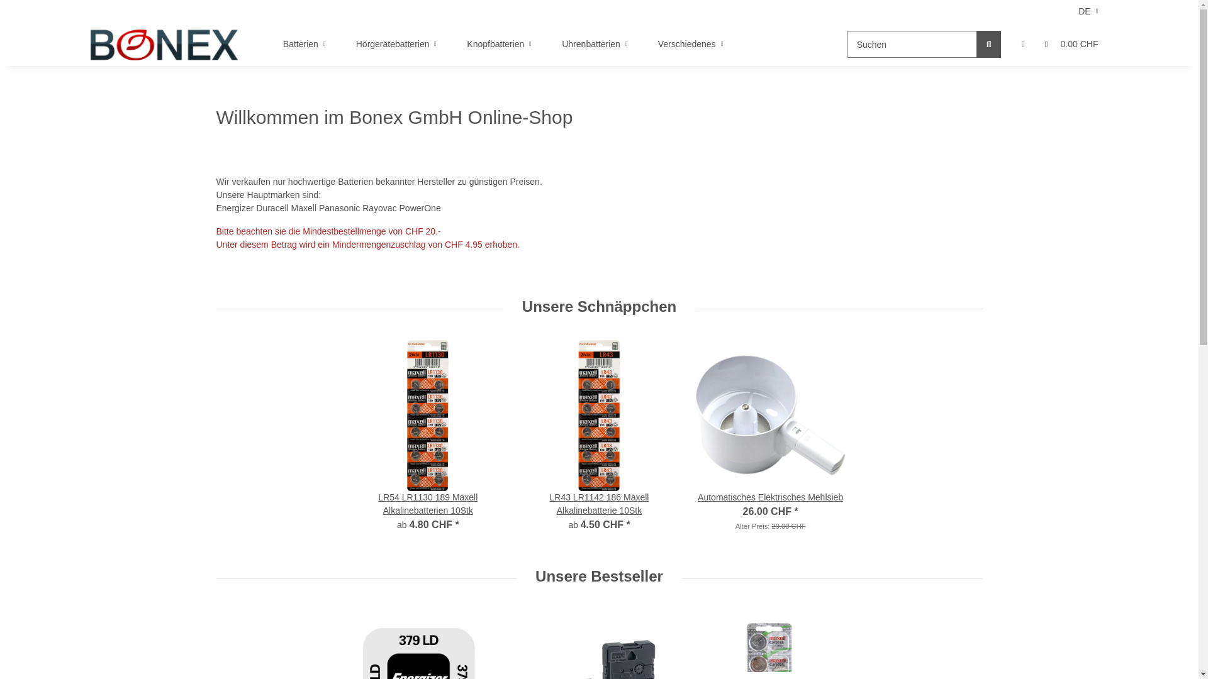  Describe the element at coordinates (1071, 43) in the screenshot. I see `'0.00 CHF'` at that location.